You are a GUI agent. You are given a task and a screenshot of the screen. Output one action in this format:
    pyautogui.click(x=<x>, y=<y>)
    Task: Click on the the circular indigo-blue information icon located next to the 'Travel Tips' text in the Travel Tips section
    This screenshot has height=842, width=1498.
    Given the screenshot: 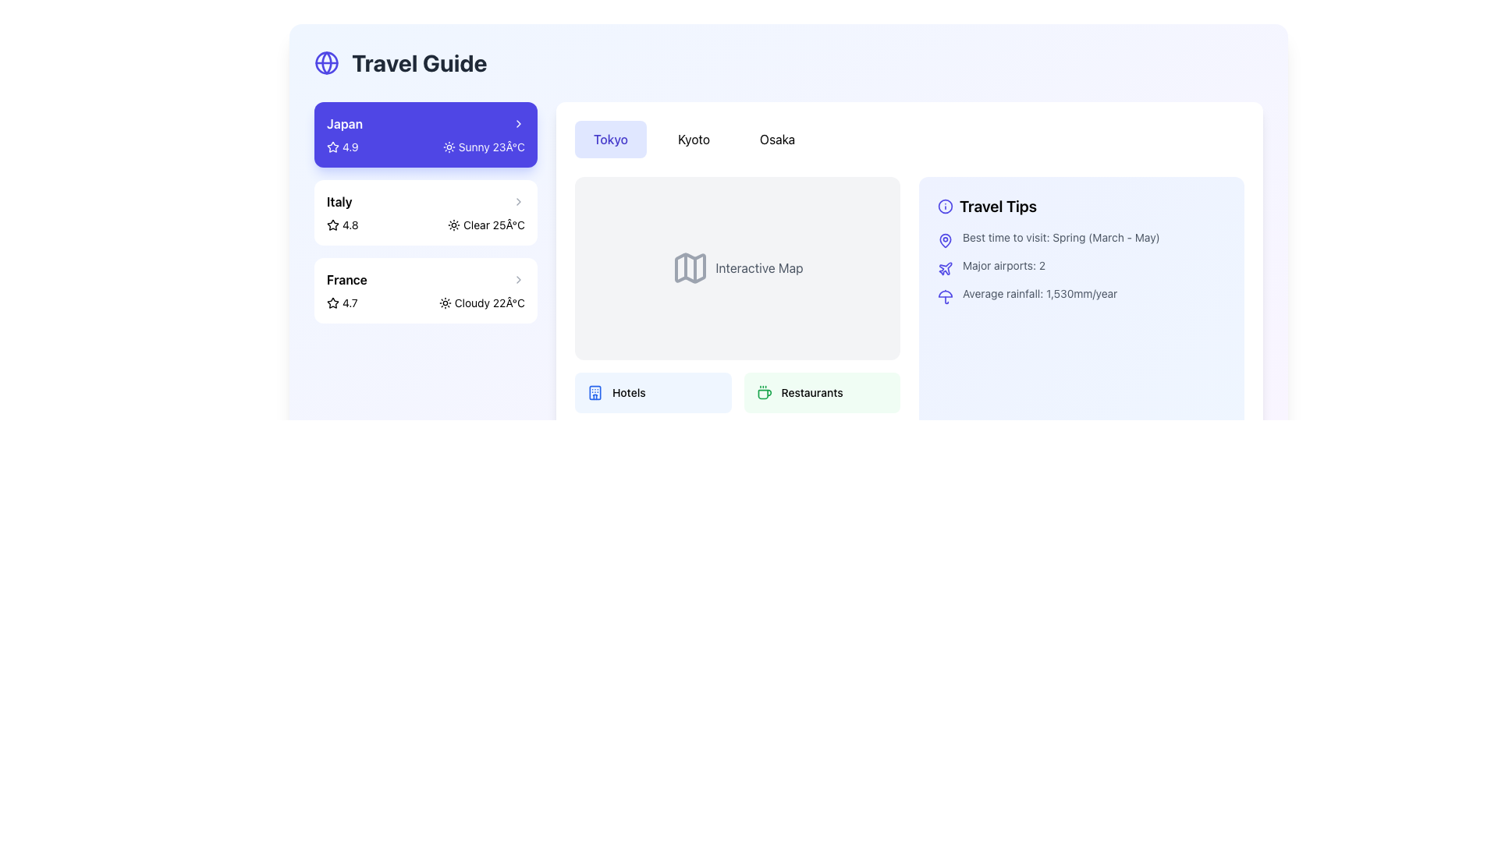 What is the action you would take?
    pyautogui.click(x=944, y=206)
    